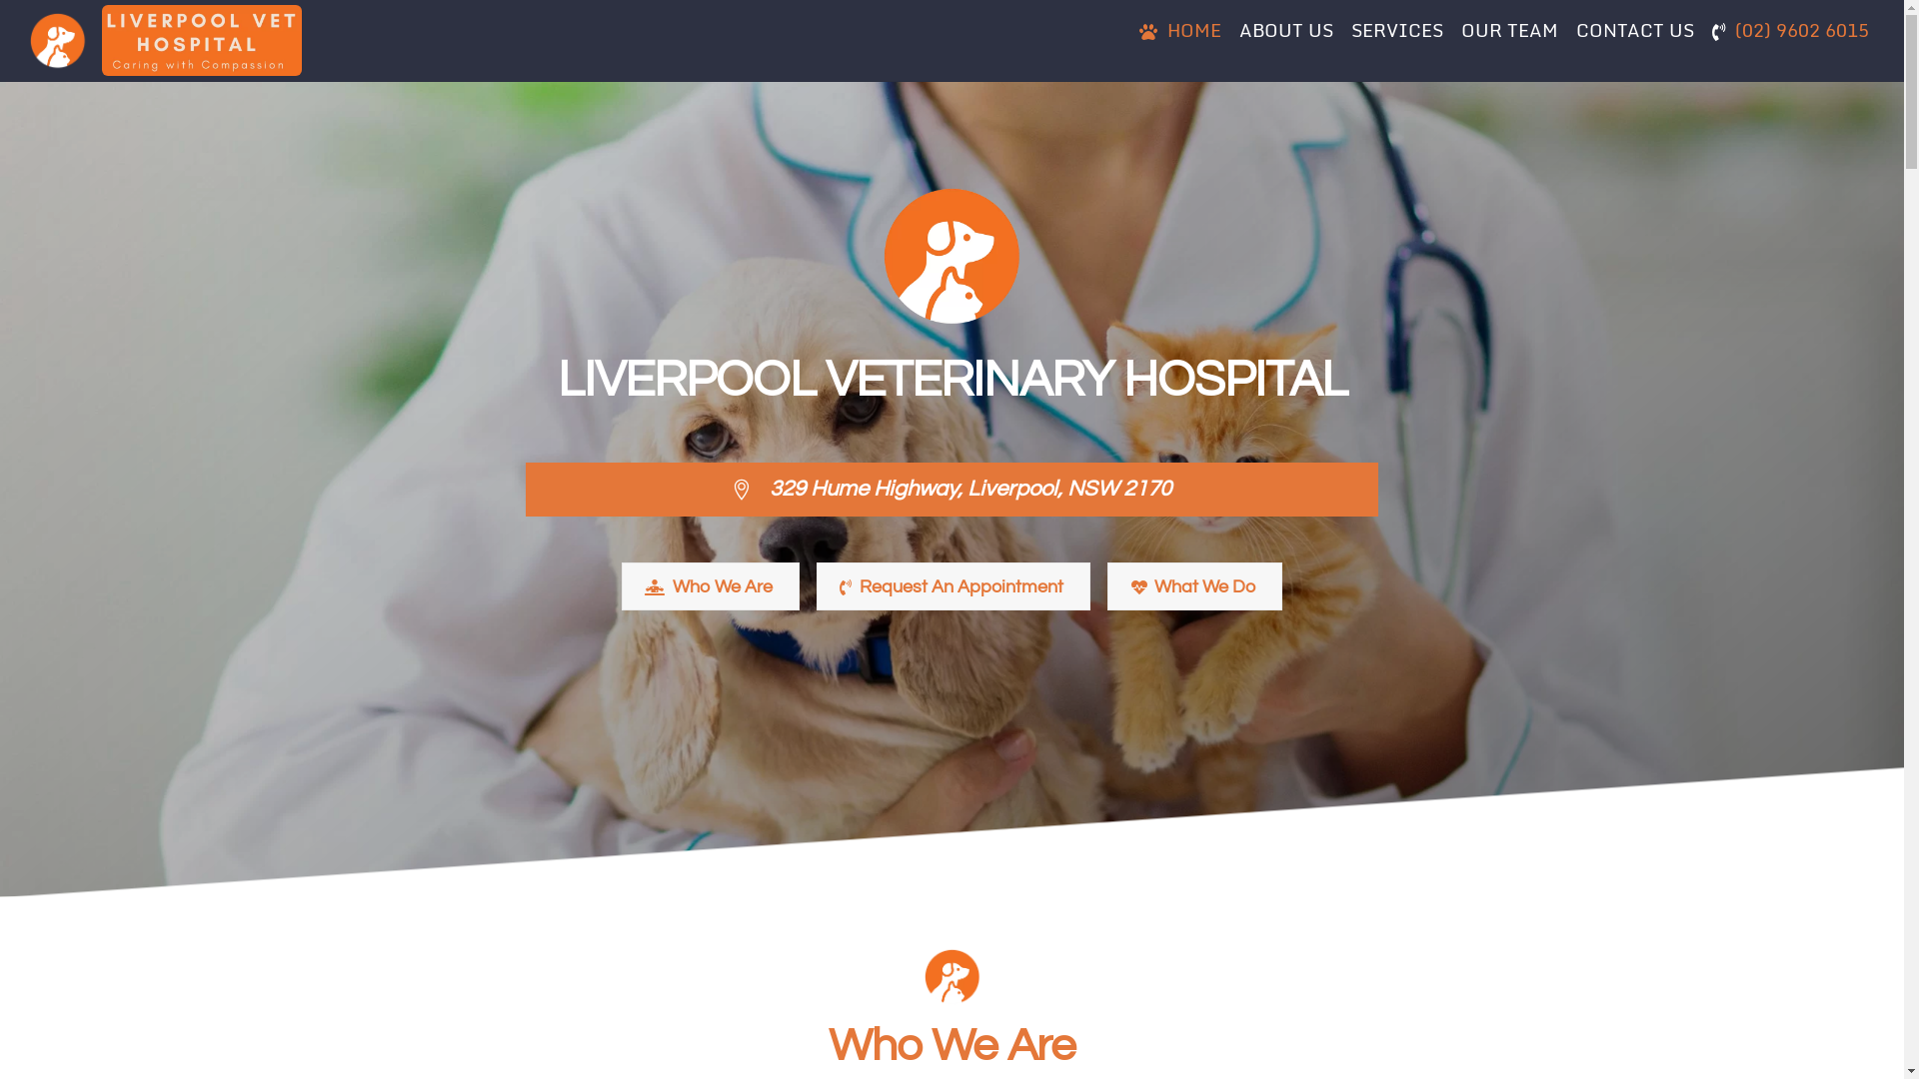 This screenshot has height=1079, width=1919. Describe the element at coordinates (953, 585) in the screenshot. I see `'Request An Appointment'` at that location.